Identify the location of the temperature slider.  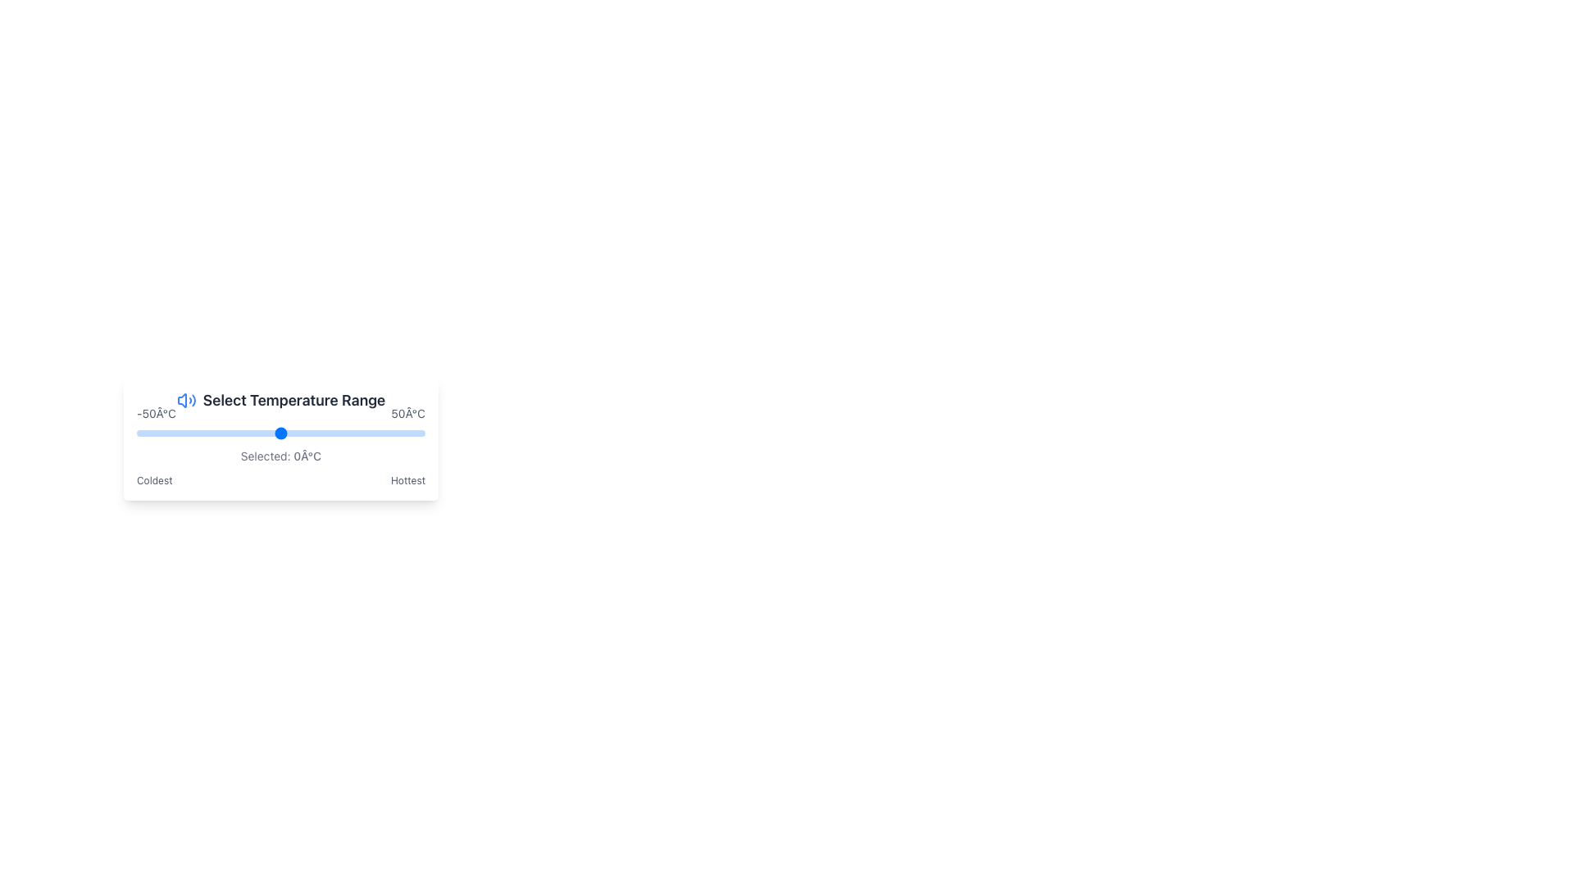
(145, 432).